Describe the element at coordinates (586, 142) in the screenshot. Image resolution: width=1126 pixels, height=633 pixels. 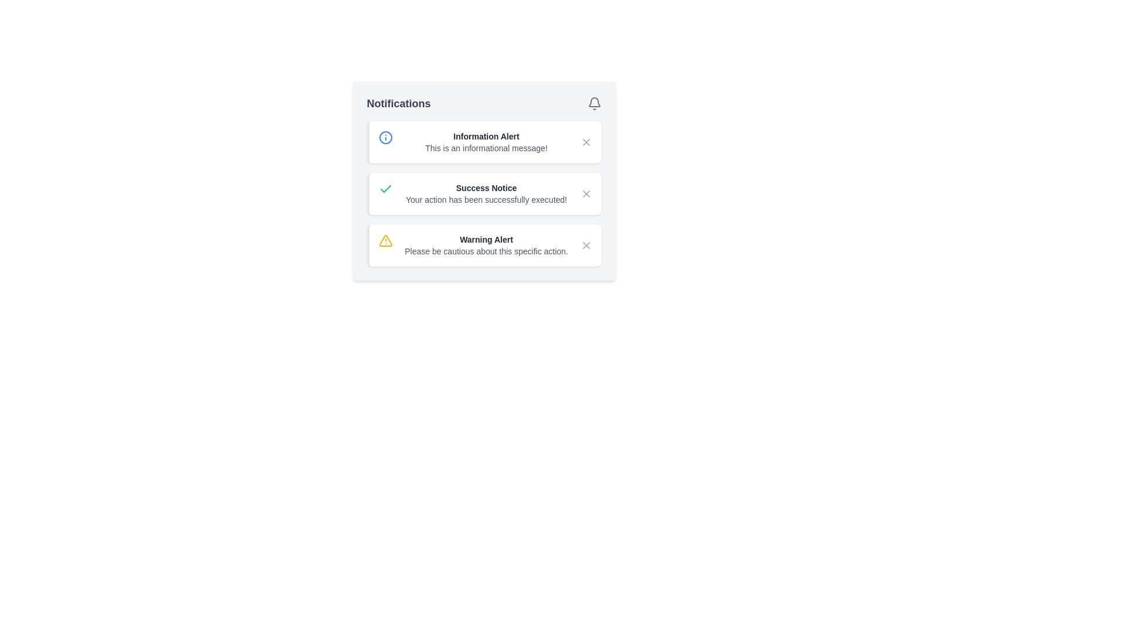
I see `the close button, which is a small gray 'x' icon located at the edge of the notification card` at that location.